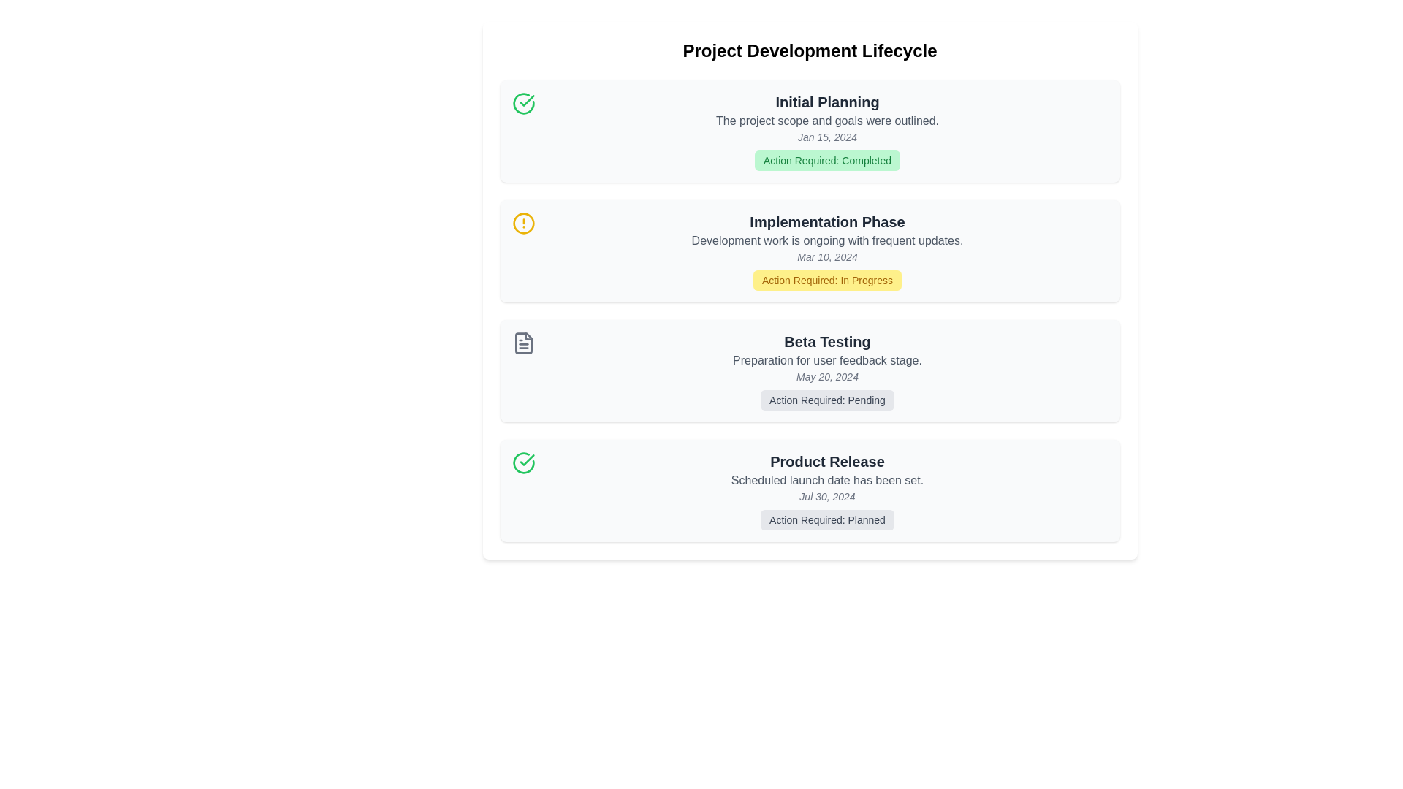  I want to click on text from the Text Label that states 'The project scope and goals were outlined.' This label is rendered in light gray and is positioned below the title 'Initial Planning', so click(827, 120).